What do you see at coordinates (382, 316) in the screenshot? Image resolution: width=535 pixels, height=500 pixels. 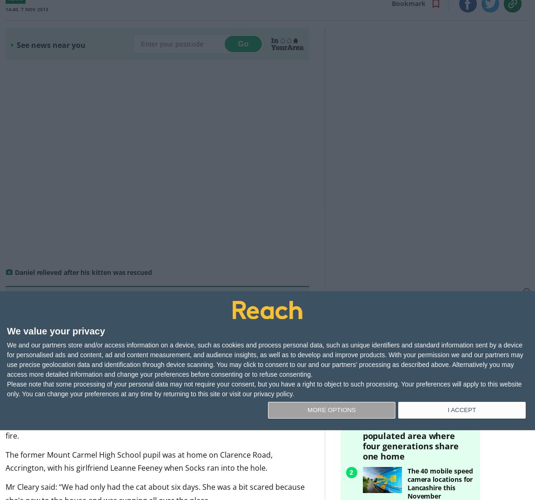 I see `'301.5K'` at bounding box center [382, 316].